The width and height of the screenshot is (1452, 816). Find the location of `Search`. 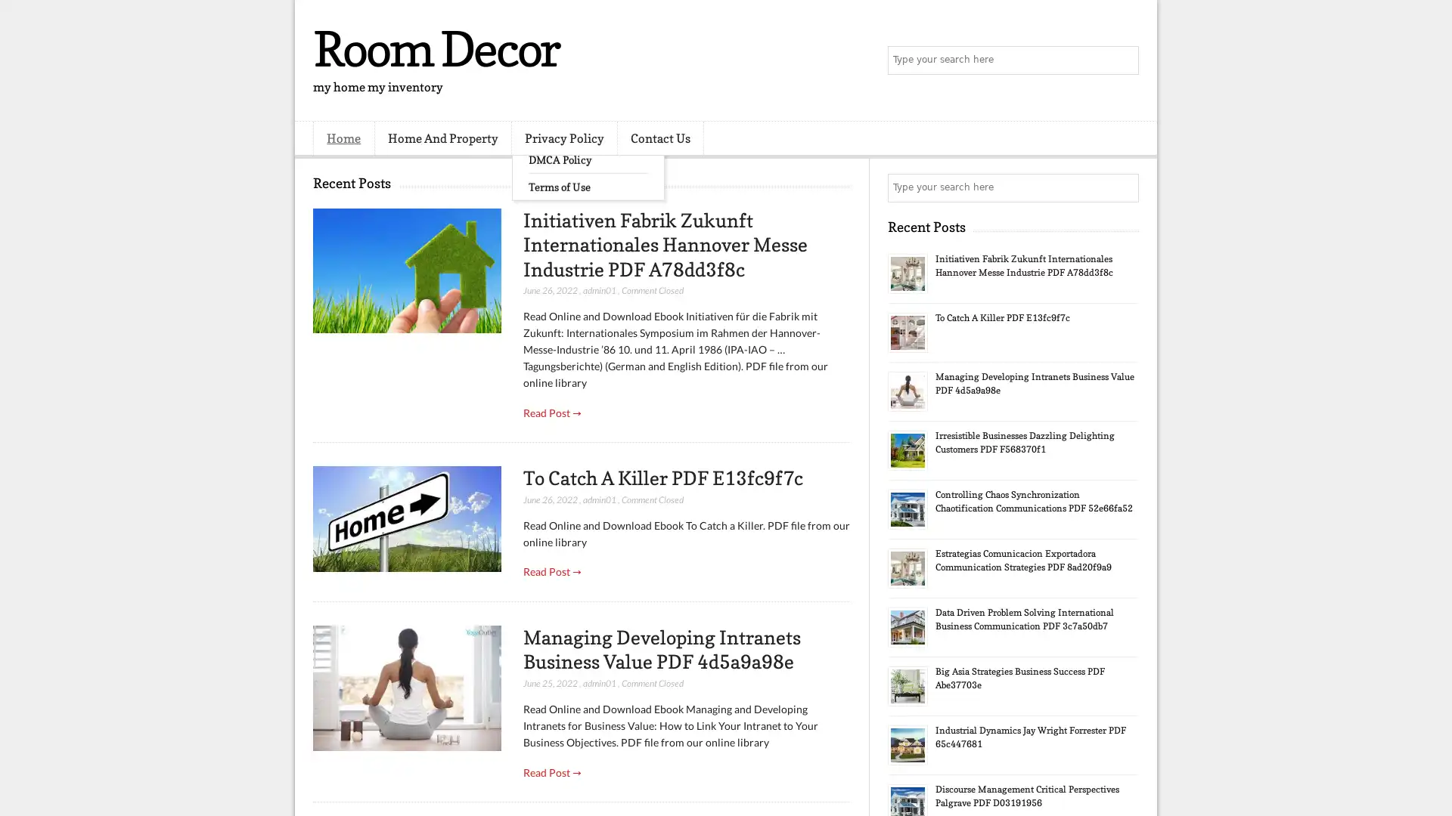

Search is located at coordinates (1123, 187).